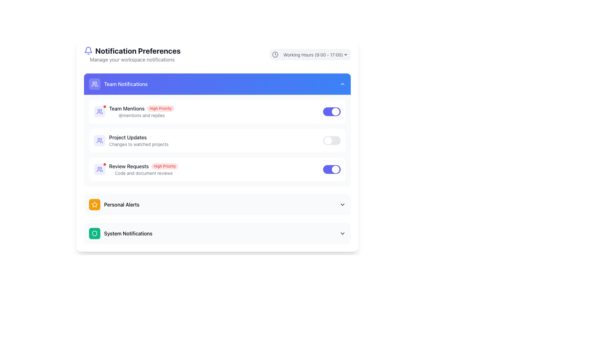 This screenshot has width=604, height=339. What do you see at coordinates (342, 234) in the screenshot?
I see `the toggle icon located at the far right of the 'System Notifications' row` at bounding box center [342, 234].